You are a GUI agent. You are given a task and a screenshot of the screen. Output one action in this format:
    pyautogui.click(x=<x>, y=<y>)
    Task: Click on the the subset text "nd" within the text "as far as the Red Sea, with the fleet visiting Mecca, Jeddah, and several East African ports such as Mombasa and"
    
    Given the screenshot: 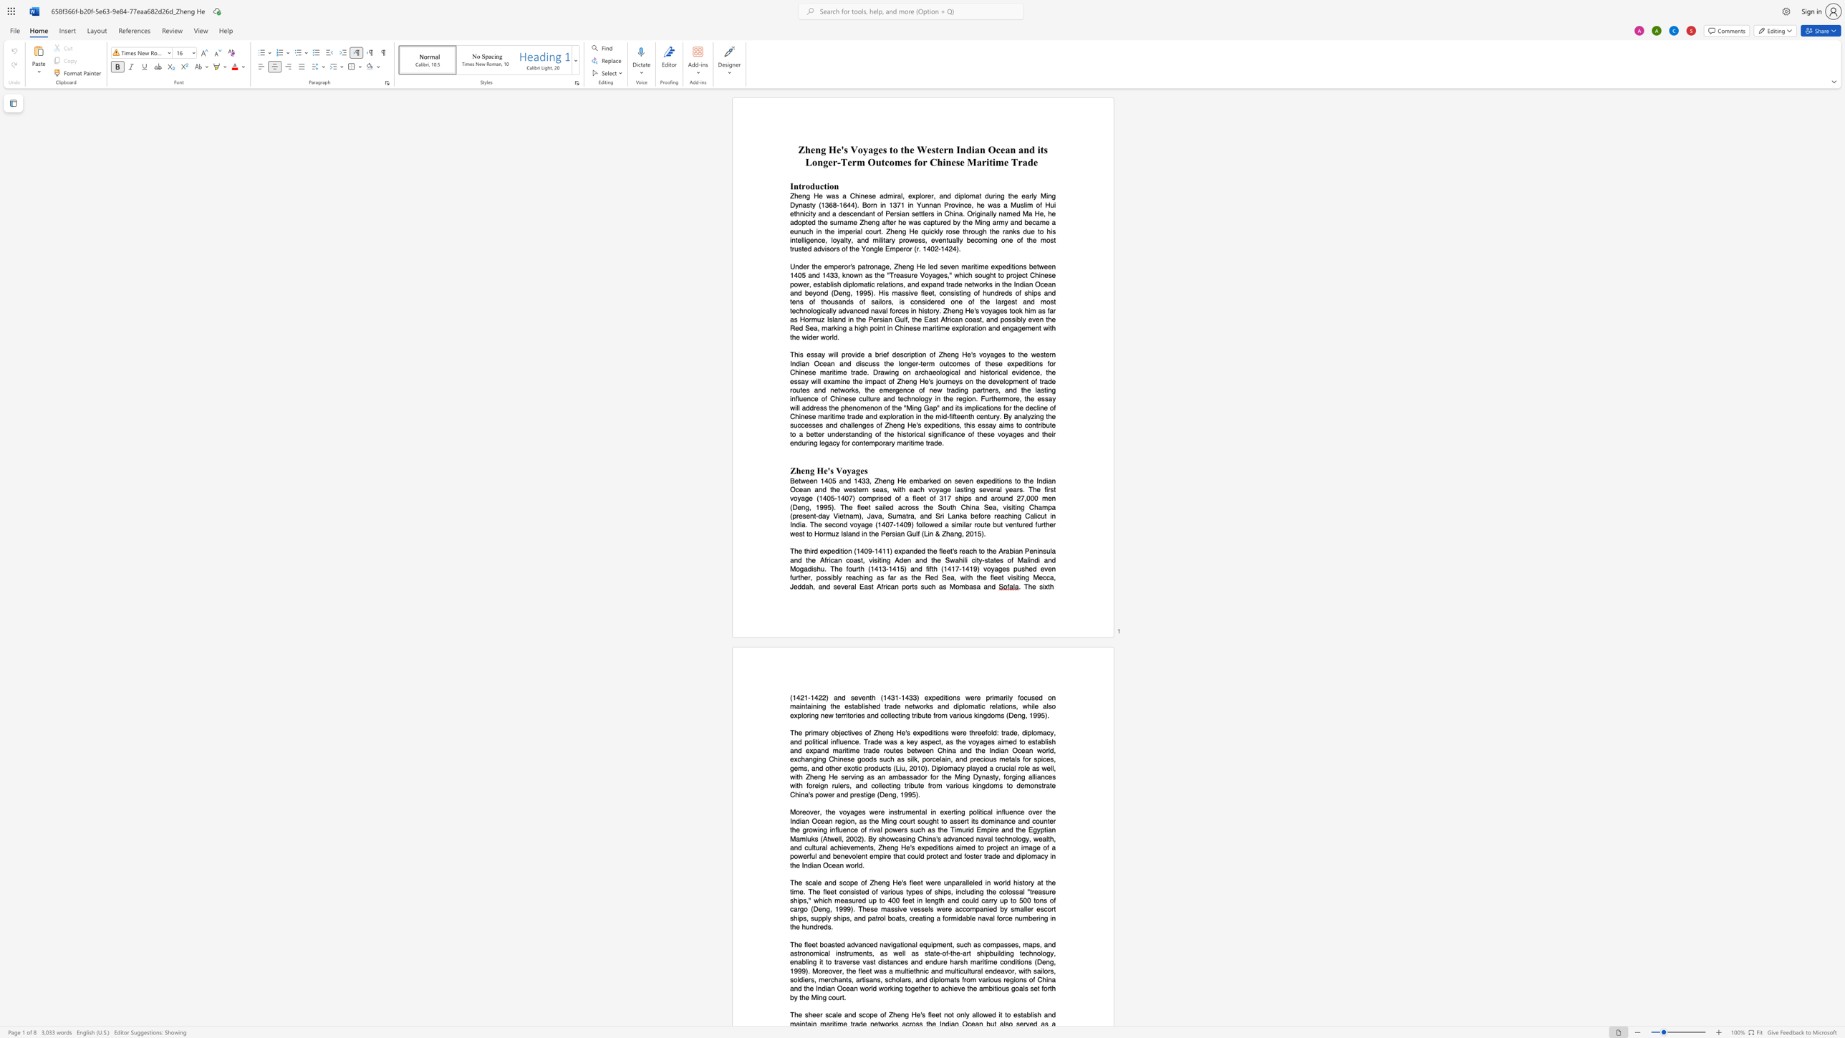 What is the action you would take?
    pyautogui.click(x=986, y=585)
    